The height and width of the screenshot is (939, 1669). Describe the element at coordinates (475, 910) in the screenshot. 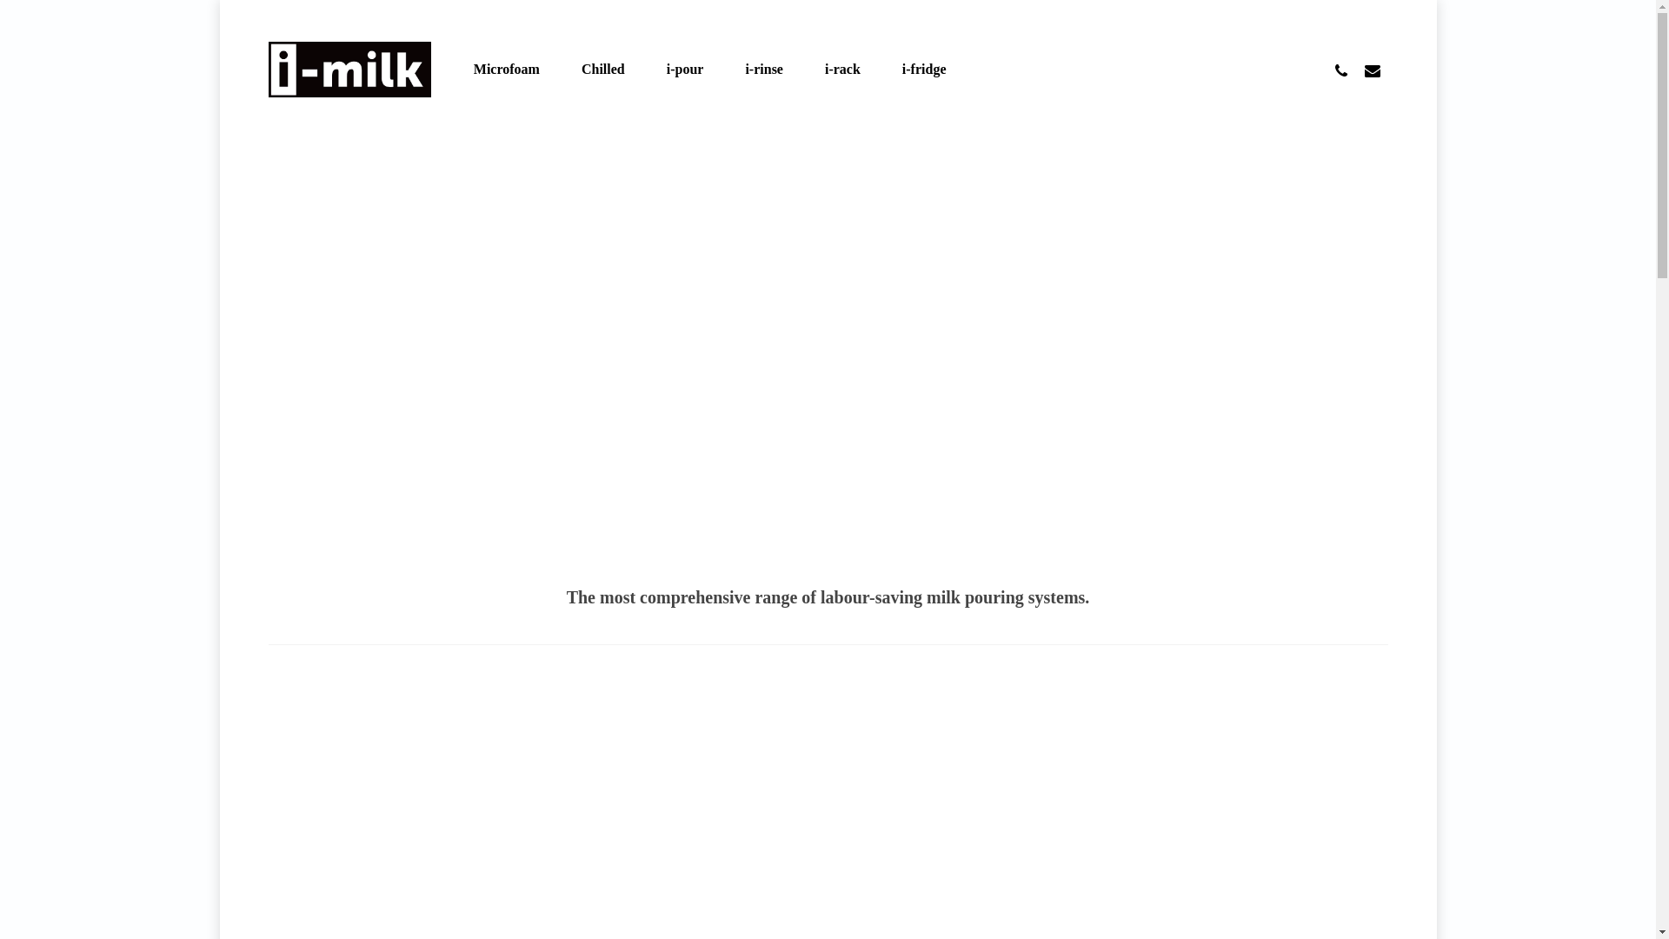

I see `'web design by koda.'` at that location.